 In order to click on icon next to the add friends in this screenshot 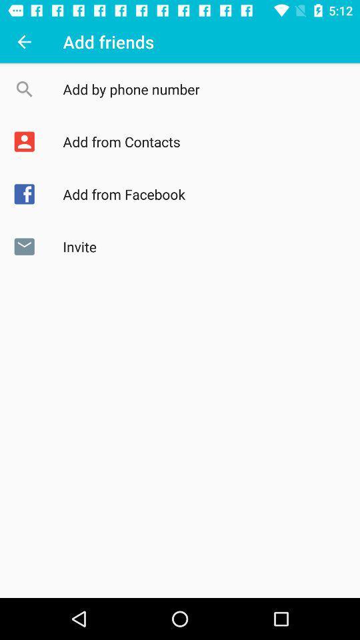, I will do `click(24, 41)`.